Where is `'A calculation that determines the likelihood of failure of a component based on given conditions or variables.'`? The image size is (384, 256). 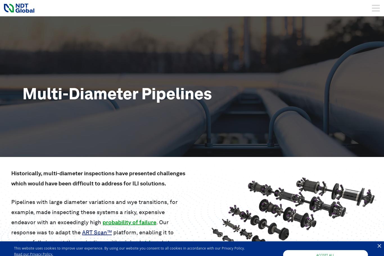 'A calculation that determines the likelihood of failure of a component based on given conditions or variables.' is located at coordinates (81, 237).